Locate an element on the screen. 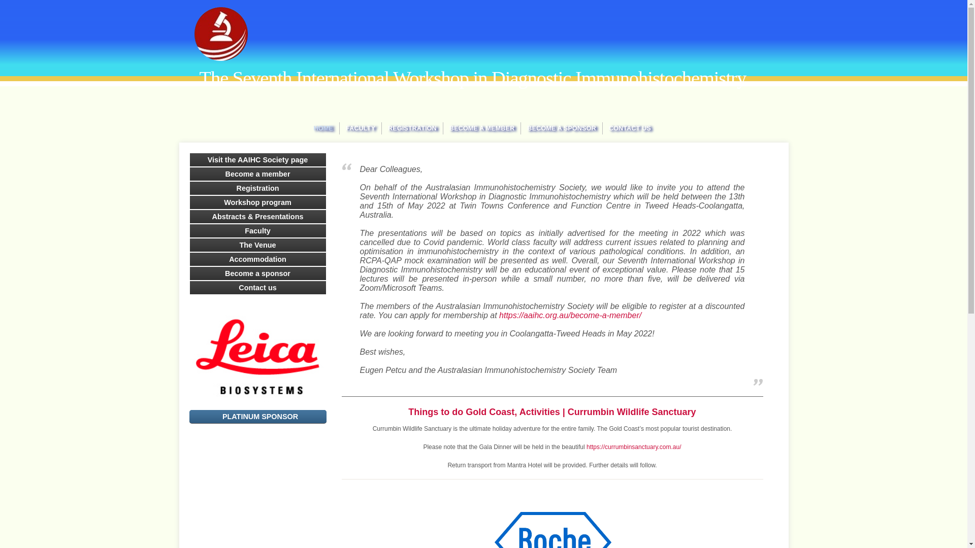  'HOME' is located at coordinates (323, 128).